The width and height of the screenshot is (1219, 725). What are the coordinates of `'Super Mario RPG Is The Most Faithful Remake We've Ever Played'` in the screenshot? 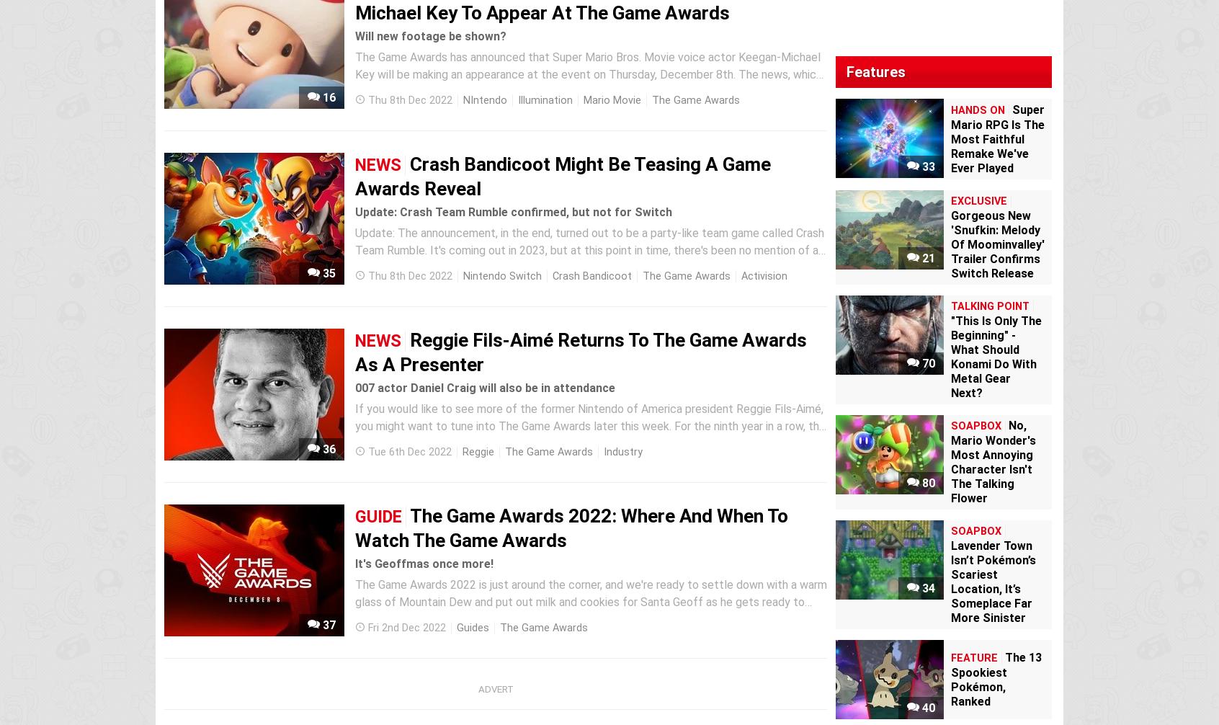 It's located at (998, 138).